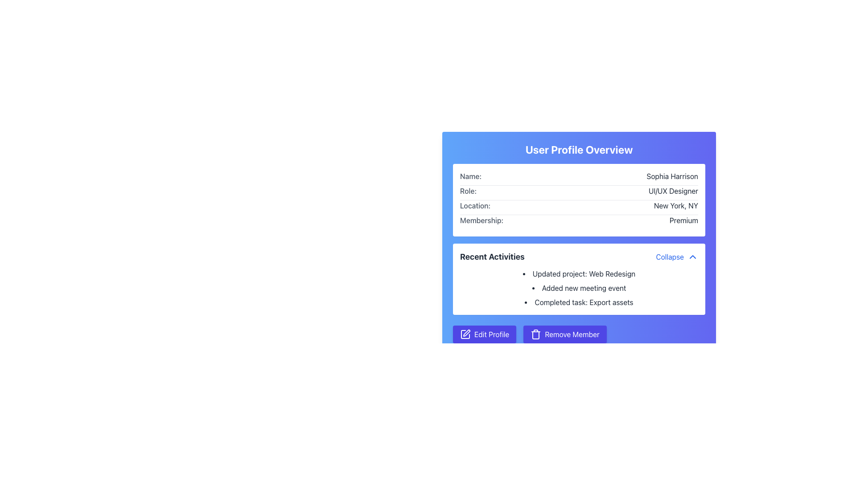 The width and height of the screenshot is (856, 481). What do you see at coordinates (492, 257) in the screenshot?
I see `the 'Recent Activities' text label, which is displayed in bold, black font and serves as a section header within the blue user profile panel` at bounding box center [492, 257].